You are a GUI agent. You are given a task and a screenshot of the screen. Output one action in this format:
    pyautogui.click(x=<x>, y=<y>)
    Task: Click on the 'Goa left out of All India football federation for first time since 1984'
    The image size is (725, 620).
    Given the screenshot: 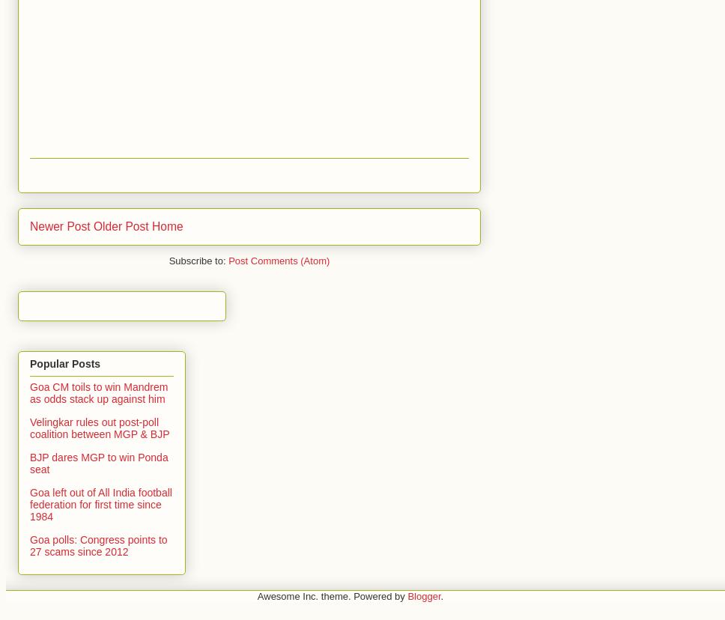 What is the action you would take?
    pyautogui.click(x=29, y=503)
    